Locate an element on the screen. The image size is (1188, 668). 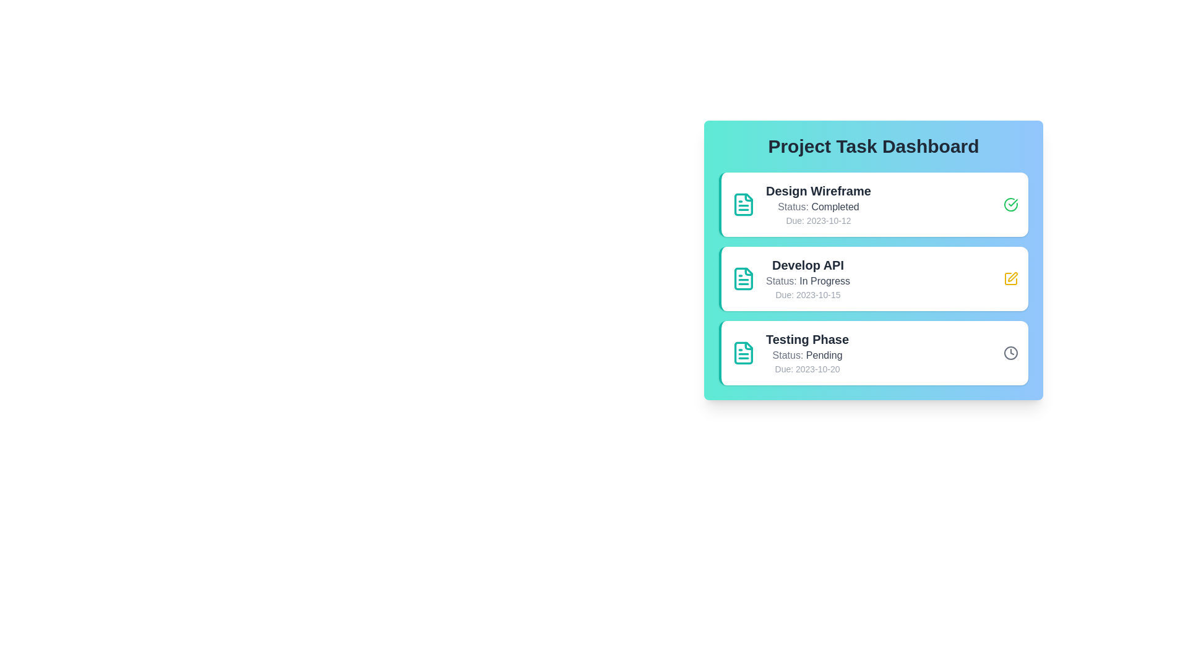
the status icon for the task with status In Progress is located at coordinates (1010, 279).